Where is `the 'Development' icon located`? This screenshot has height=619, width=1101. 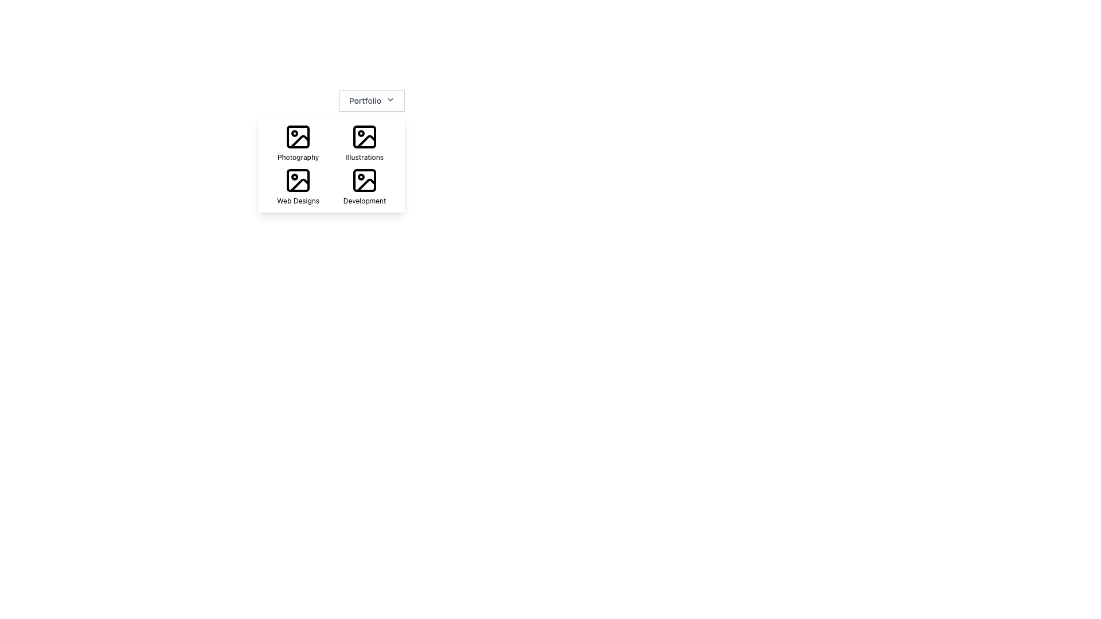 the 'Development' icon located is located at coordinates (364, 181).